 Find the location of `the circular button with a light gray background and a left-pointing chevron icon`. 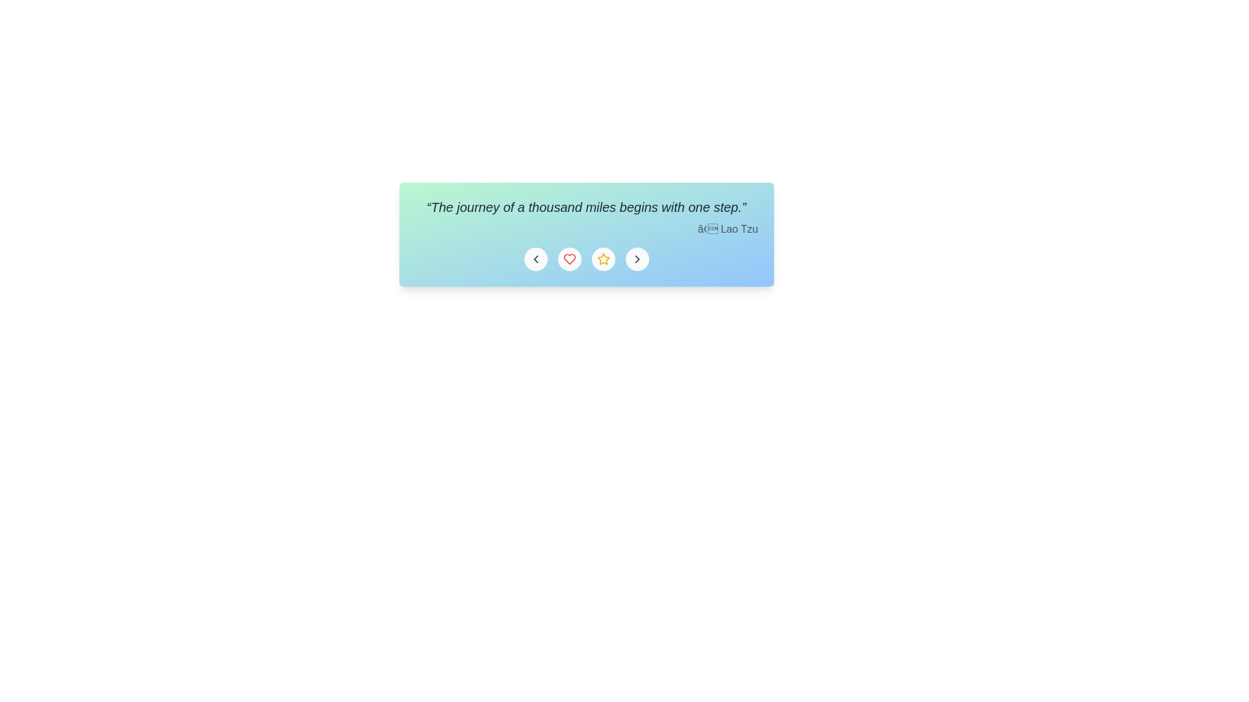

the circular button with a light gray background and a left-pointing chevron icon is located at coordinates (535, 259).